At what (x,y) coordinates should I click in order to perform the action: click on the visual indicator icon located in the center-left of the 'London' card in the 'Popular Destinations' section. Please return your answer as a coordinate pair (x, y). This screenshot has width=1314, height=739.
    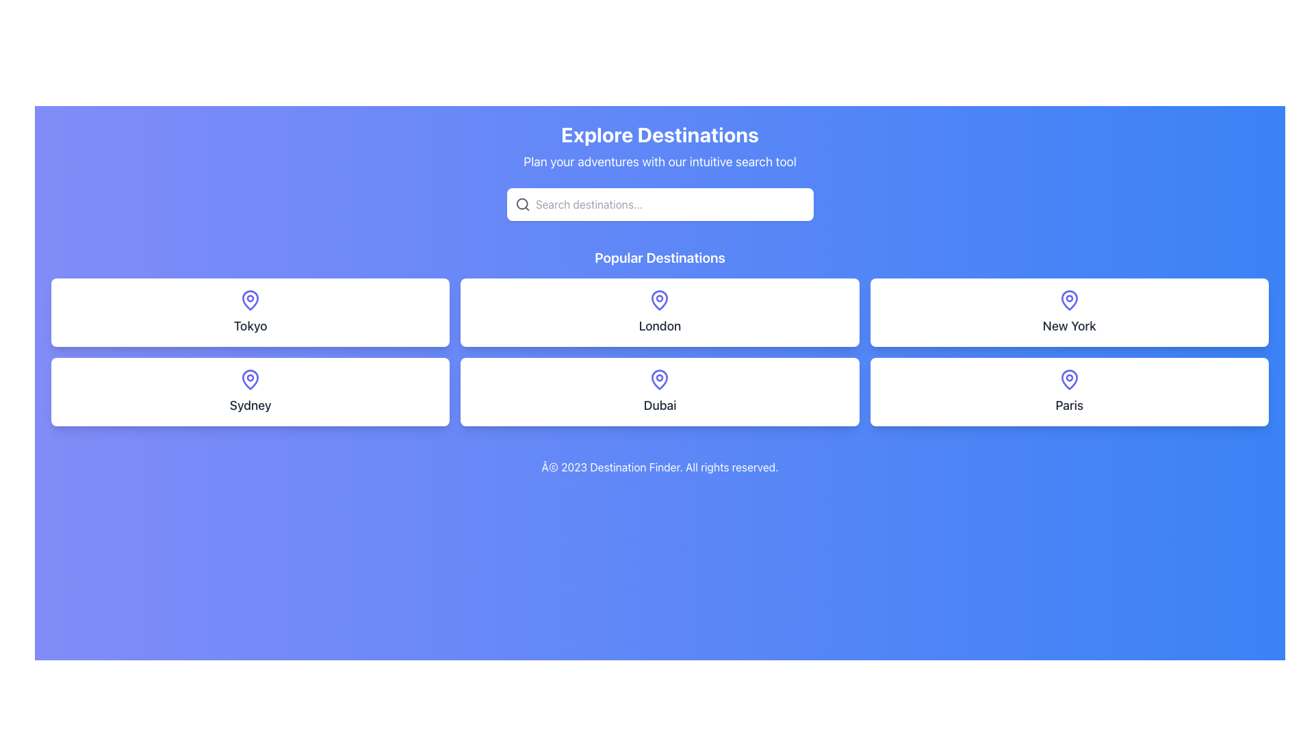
    Looking at the image, I should click on (660, 300).